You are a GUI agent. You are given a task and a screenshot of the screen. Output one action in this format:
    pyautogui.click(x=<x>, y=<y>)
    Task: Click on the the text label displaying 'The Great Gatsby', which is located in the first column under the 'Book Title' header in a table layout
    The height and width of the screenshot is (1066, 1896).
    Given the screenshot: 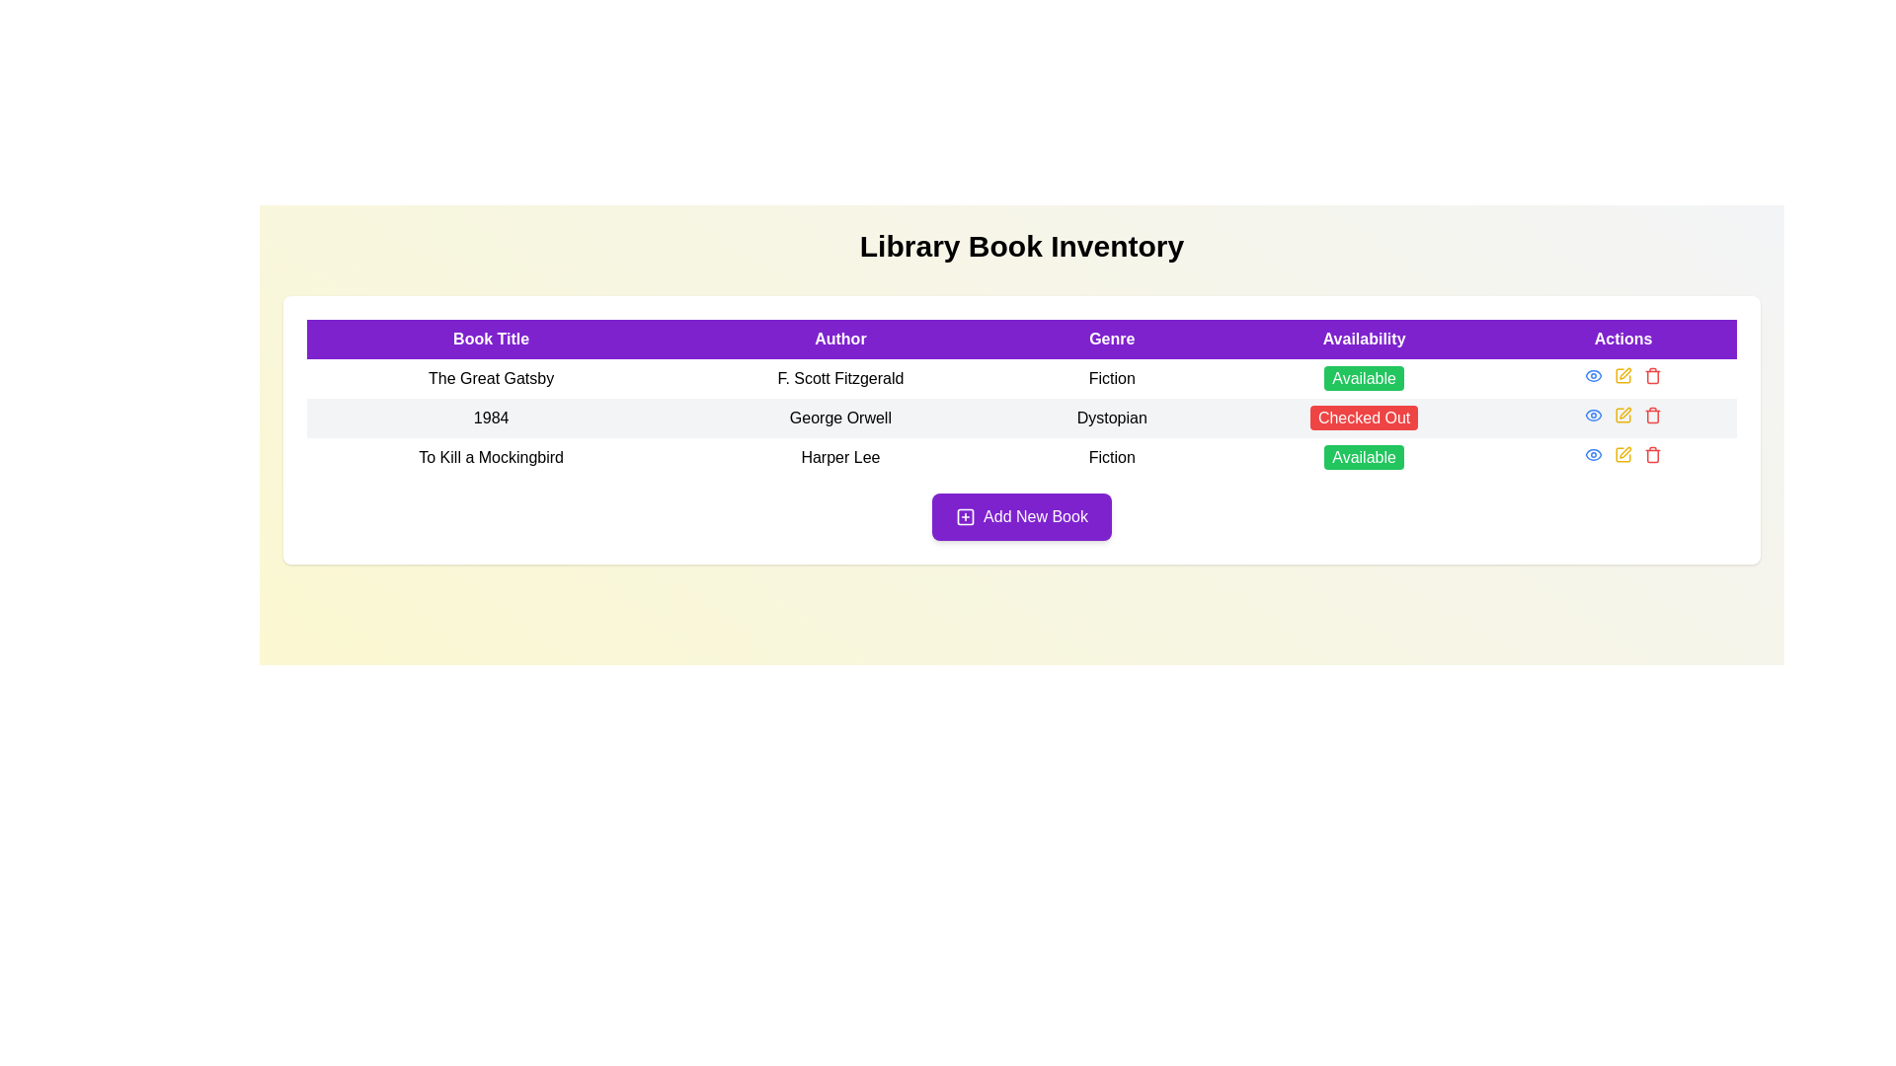 What is the action you would take?
    pyautogui.click(x=491, y=379)
    